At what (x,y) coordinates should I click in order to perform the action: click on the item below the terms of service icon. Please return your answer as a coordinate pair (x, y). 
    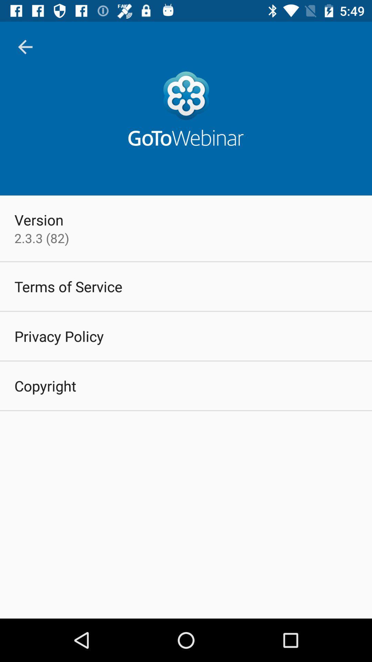
    Looking at the image, I should click on (59, 336).